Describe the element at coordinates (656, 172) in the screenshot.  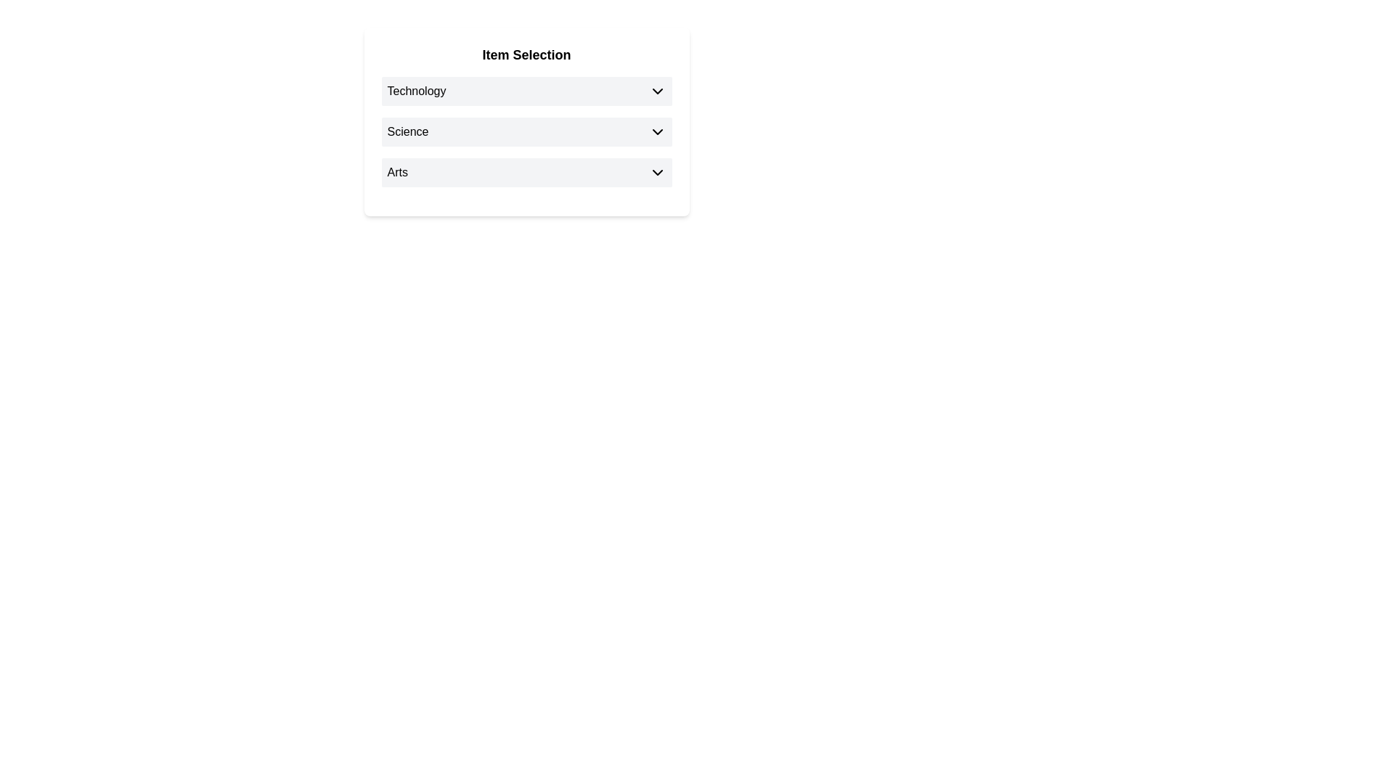
I see `the dropdown toggle icon located at the far right of the 'Arts' row` at that location.